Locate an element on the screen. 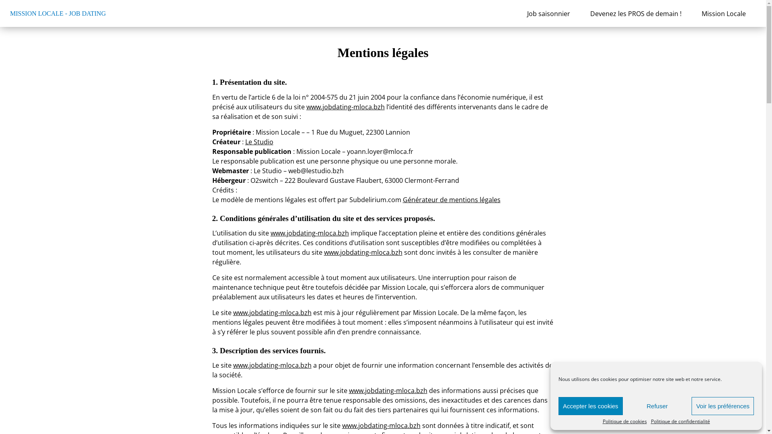 This screenshot has height=434, width=772. 'Devenez les PROS de demain !' is located at coordinates (635, 13).